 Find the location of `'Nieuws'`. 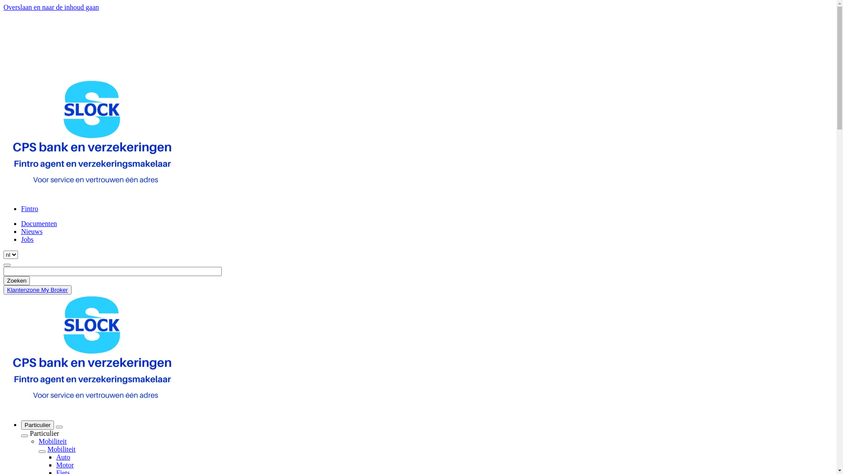

'Nieuws' is located at coordinates (32, 231).